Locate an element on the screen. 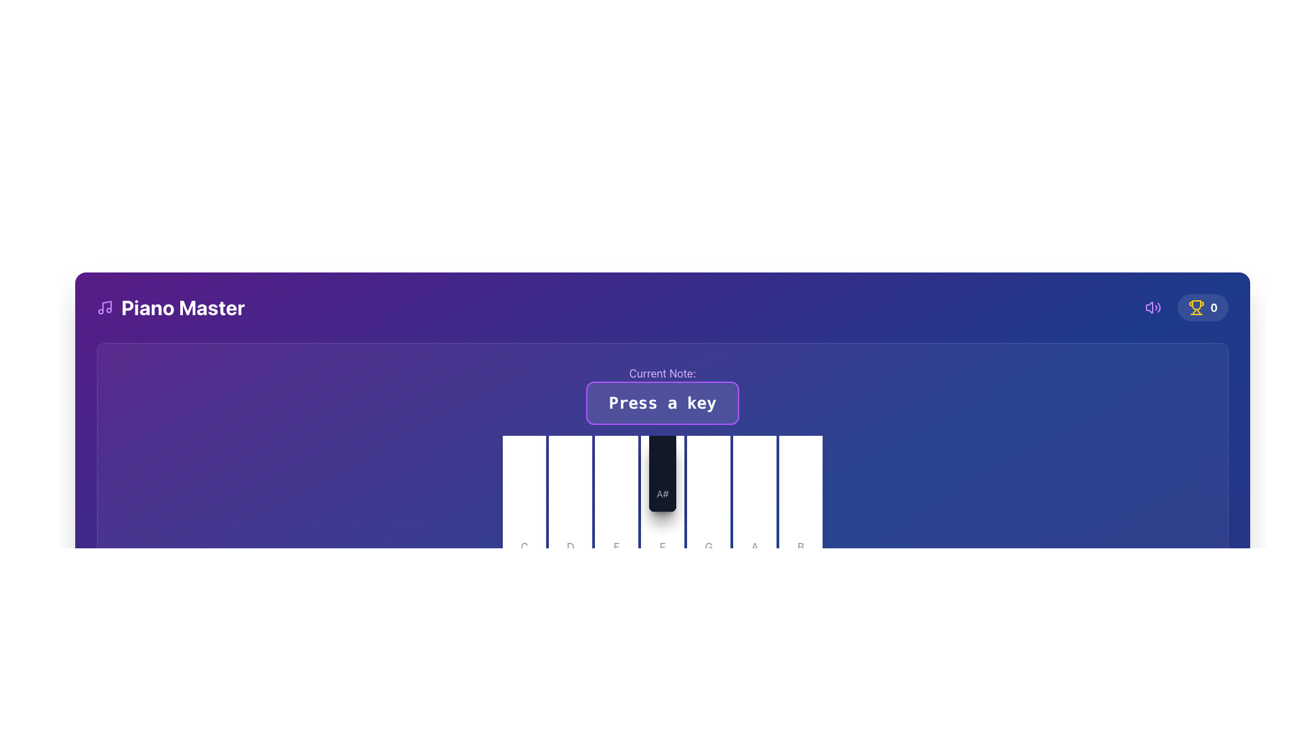 This screenshot has height=732, width=1301. the static label text element displaying the letter 'B', which is styled in gray with medium font weight and located at the bottom of a white rounded rectangular key-like element is located at coordinates (800, 546).